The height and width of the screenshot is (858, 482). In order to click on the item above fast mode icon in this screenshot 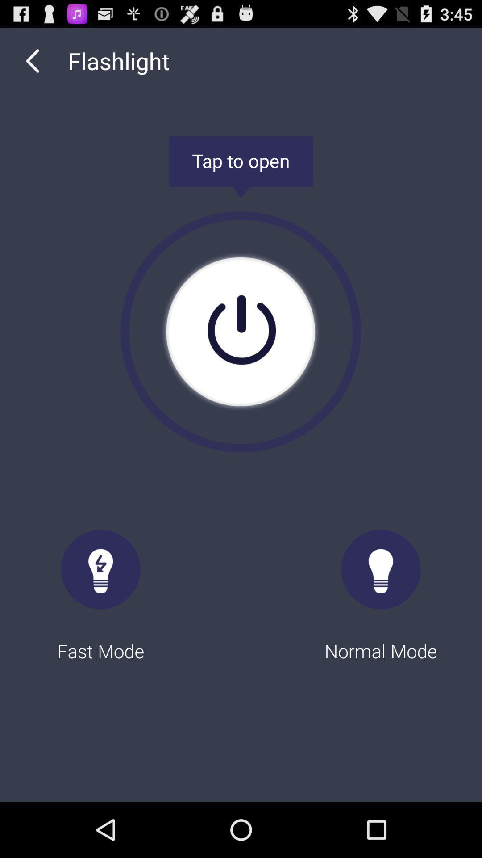, I will do `click(240, 331)`.